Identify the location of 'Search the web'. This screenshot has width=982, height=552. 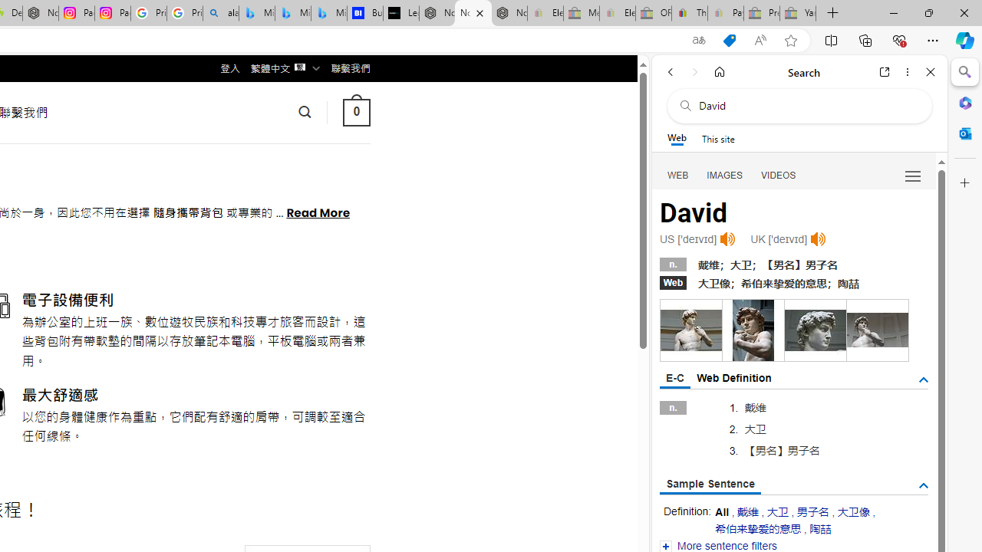
(806, 105).